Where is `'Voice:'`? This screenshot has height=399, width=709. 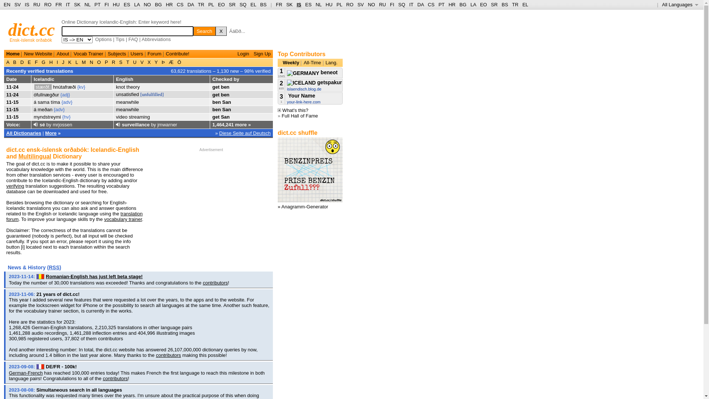 'Voice:' is located at coordinates (13, 124).